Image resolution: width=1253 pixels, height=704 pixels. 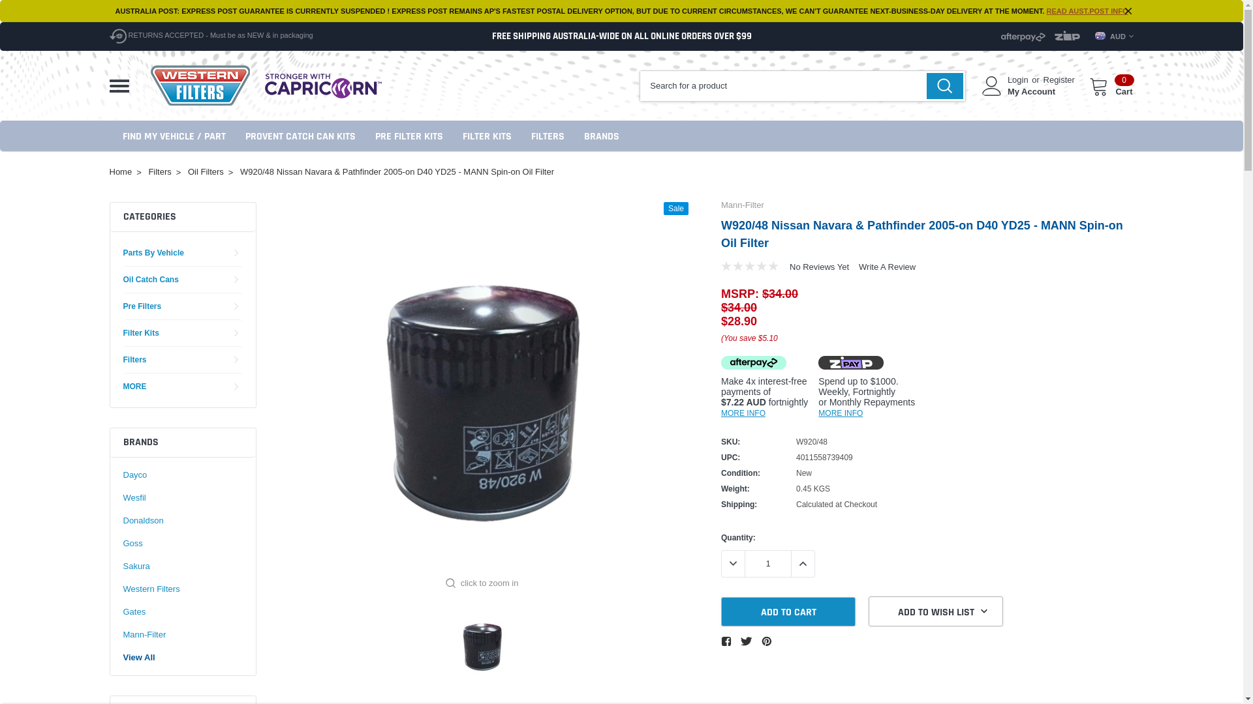 I want to click on 'Filter Kits', so click(x=140, y=332).